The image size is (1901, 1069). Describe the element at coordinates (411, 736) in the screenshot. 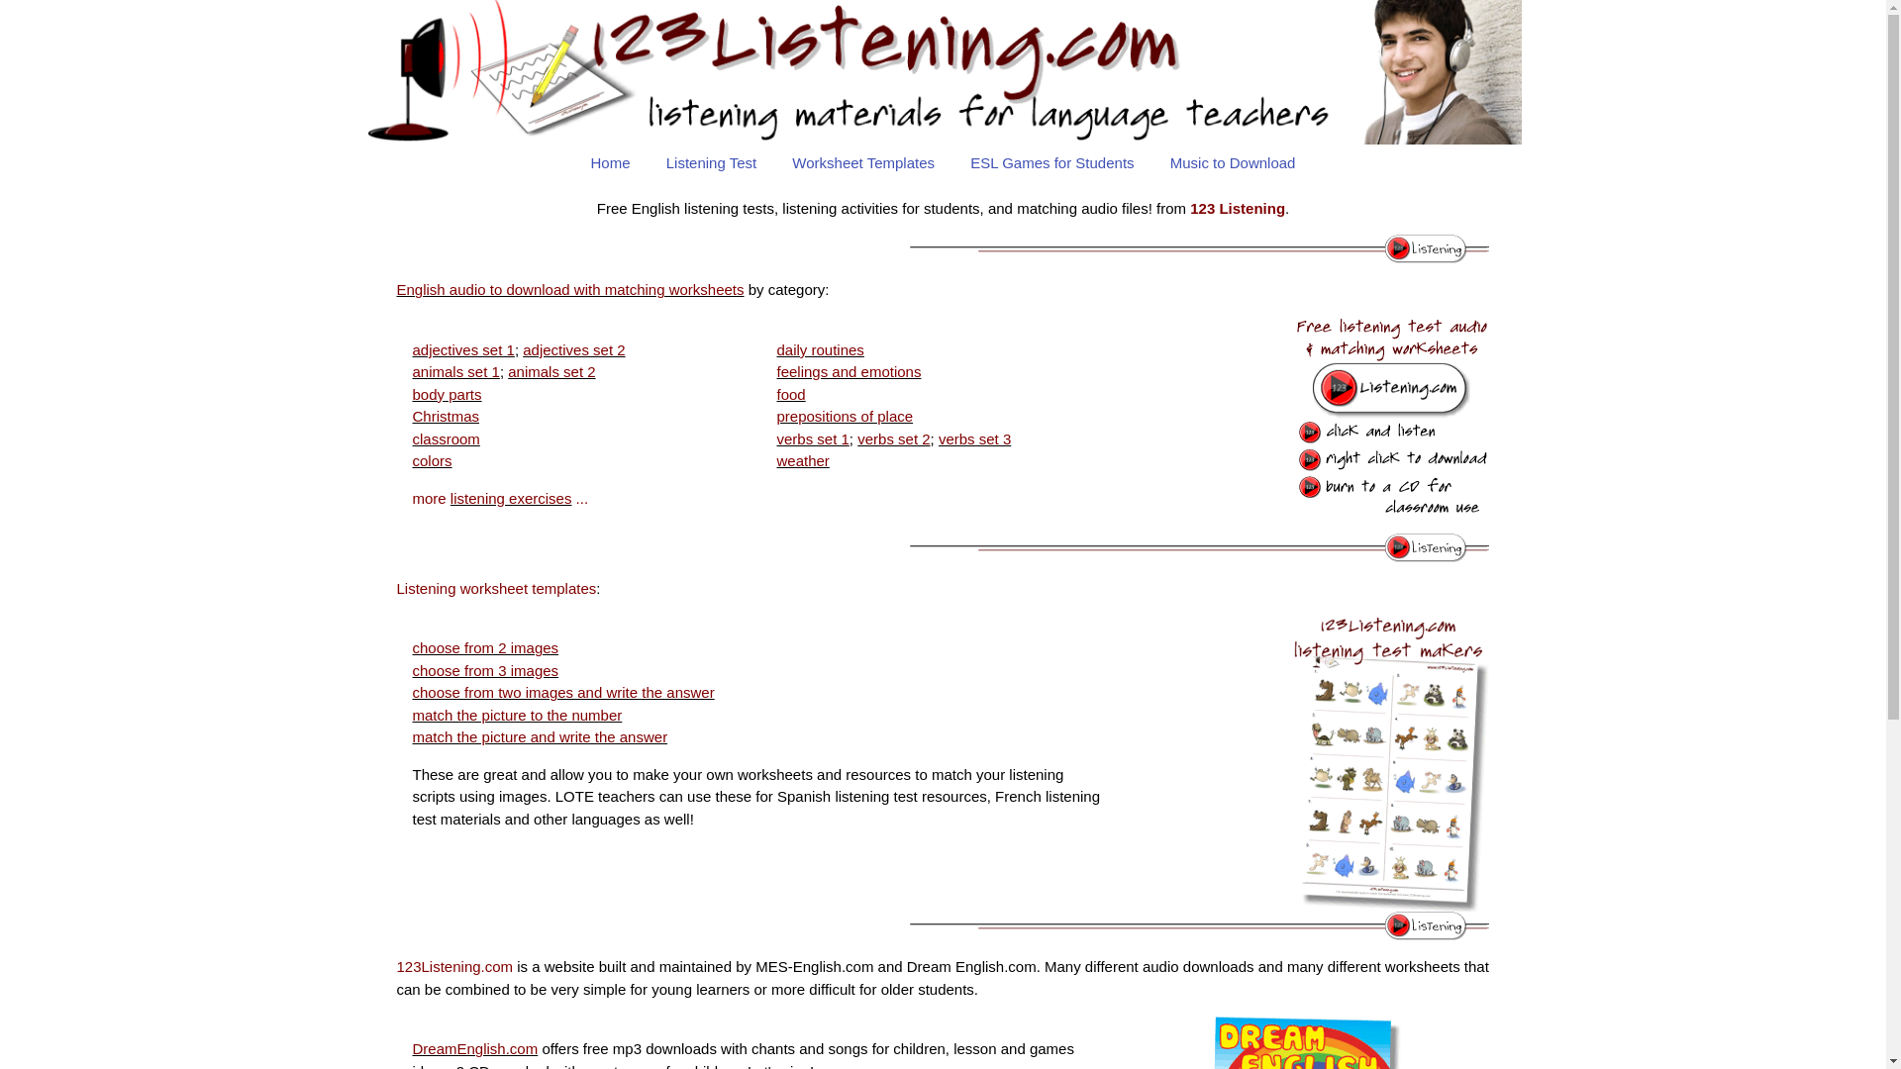

I see `'match the picture and write the answer'` at that location.